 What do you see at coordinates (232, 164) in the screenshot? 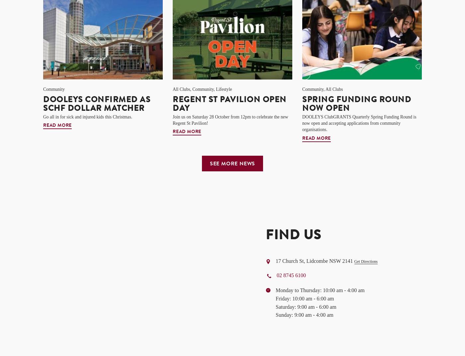
I see `'See more news'` at bounding box center [232, 164].